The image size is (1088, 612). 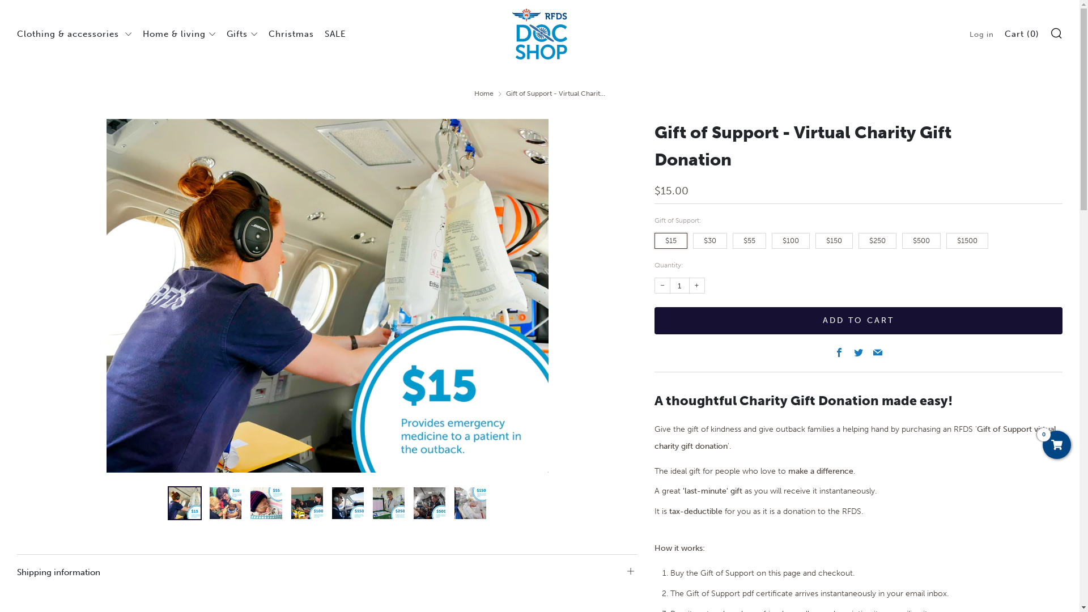 I want to click on 'SALE', so click(x=334, y=33).